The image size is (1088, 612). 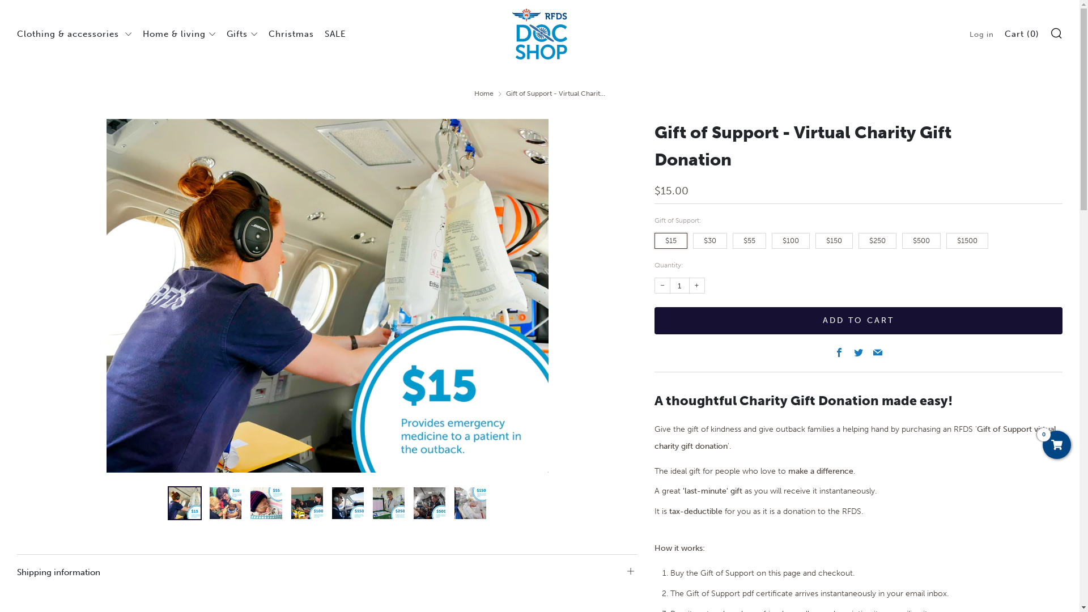 I want to click on 'SALE', so click(x=334, y=33).